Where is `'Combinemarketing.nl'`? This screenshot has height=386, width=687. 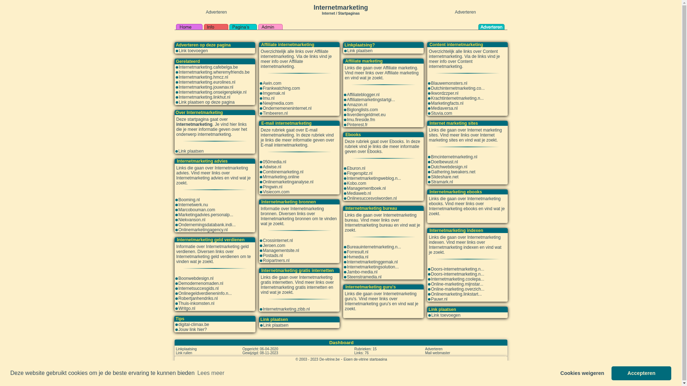
'Combinemarketing.nl' is located at coordinates (262, 172).